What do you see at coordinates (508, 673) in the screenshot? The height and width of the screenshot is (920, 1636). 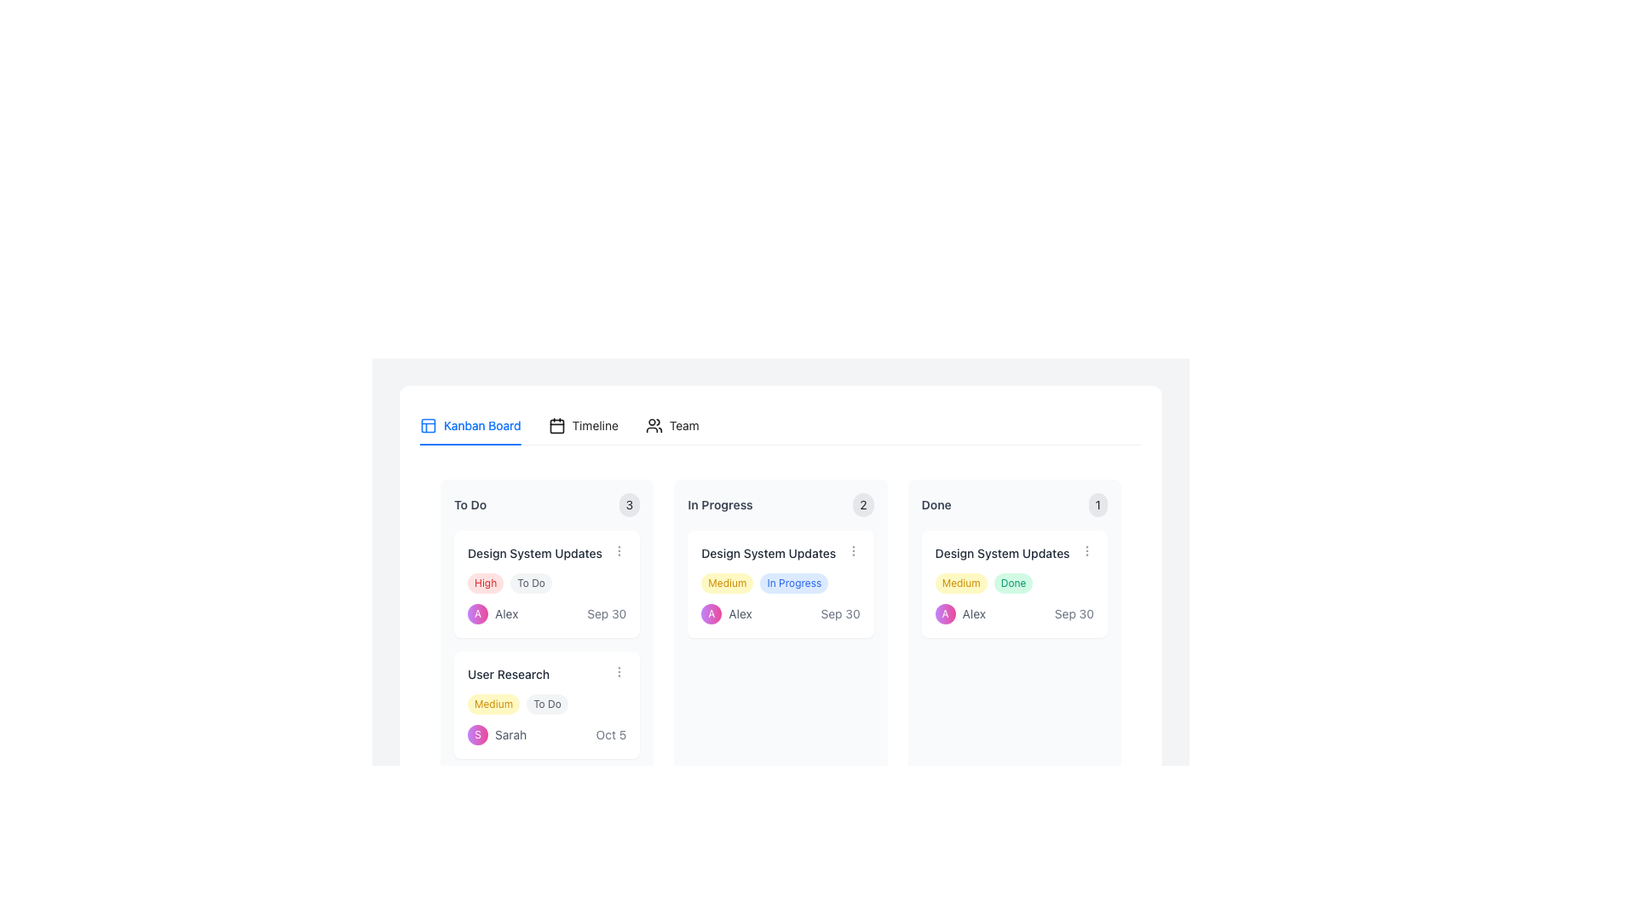 I see `the text label that serves as the title or identifier for a task in the 'To Do' column of the Kanban board` at bounding box center [508, 673].